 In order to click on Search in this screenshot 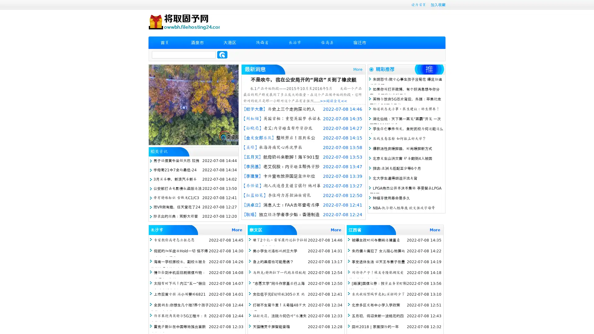, I will do `click(222, 54)`.